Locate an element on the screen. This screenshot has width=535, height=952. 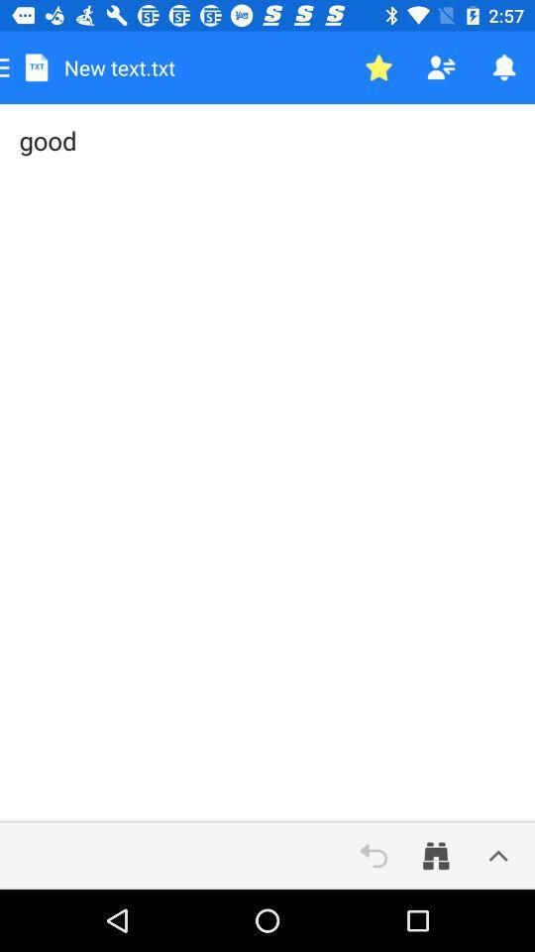
go up is located at coordinates (497, 855).